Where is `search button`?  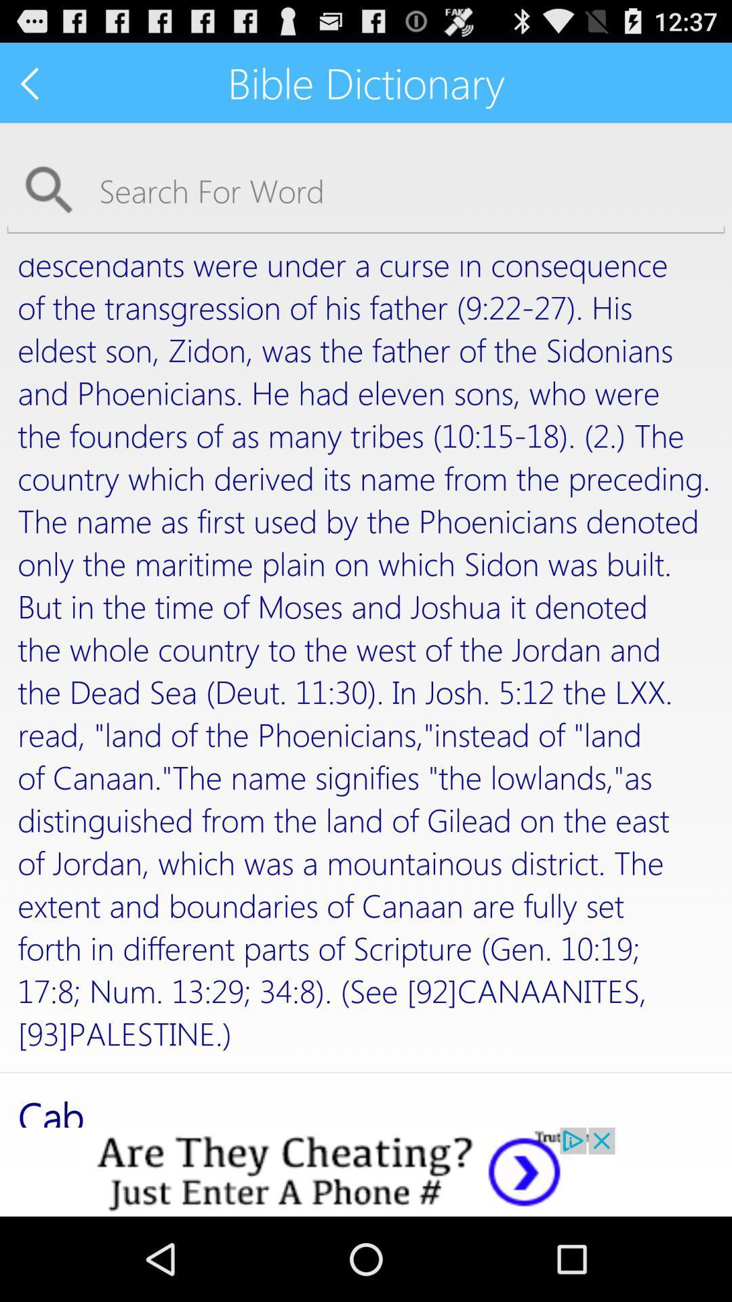 search button is located at coordinates (366, 190).